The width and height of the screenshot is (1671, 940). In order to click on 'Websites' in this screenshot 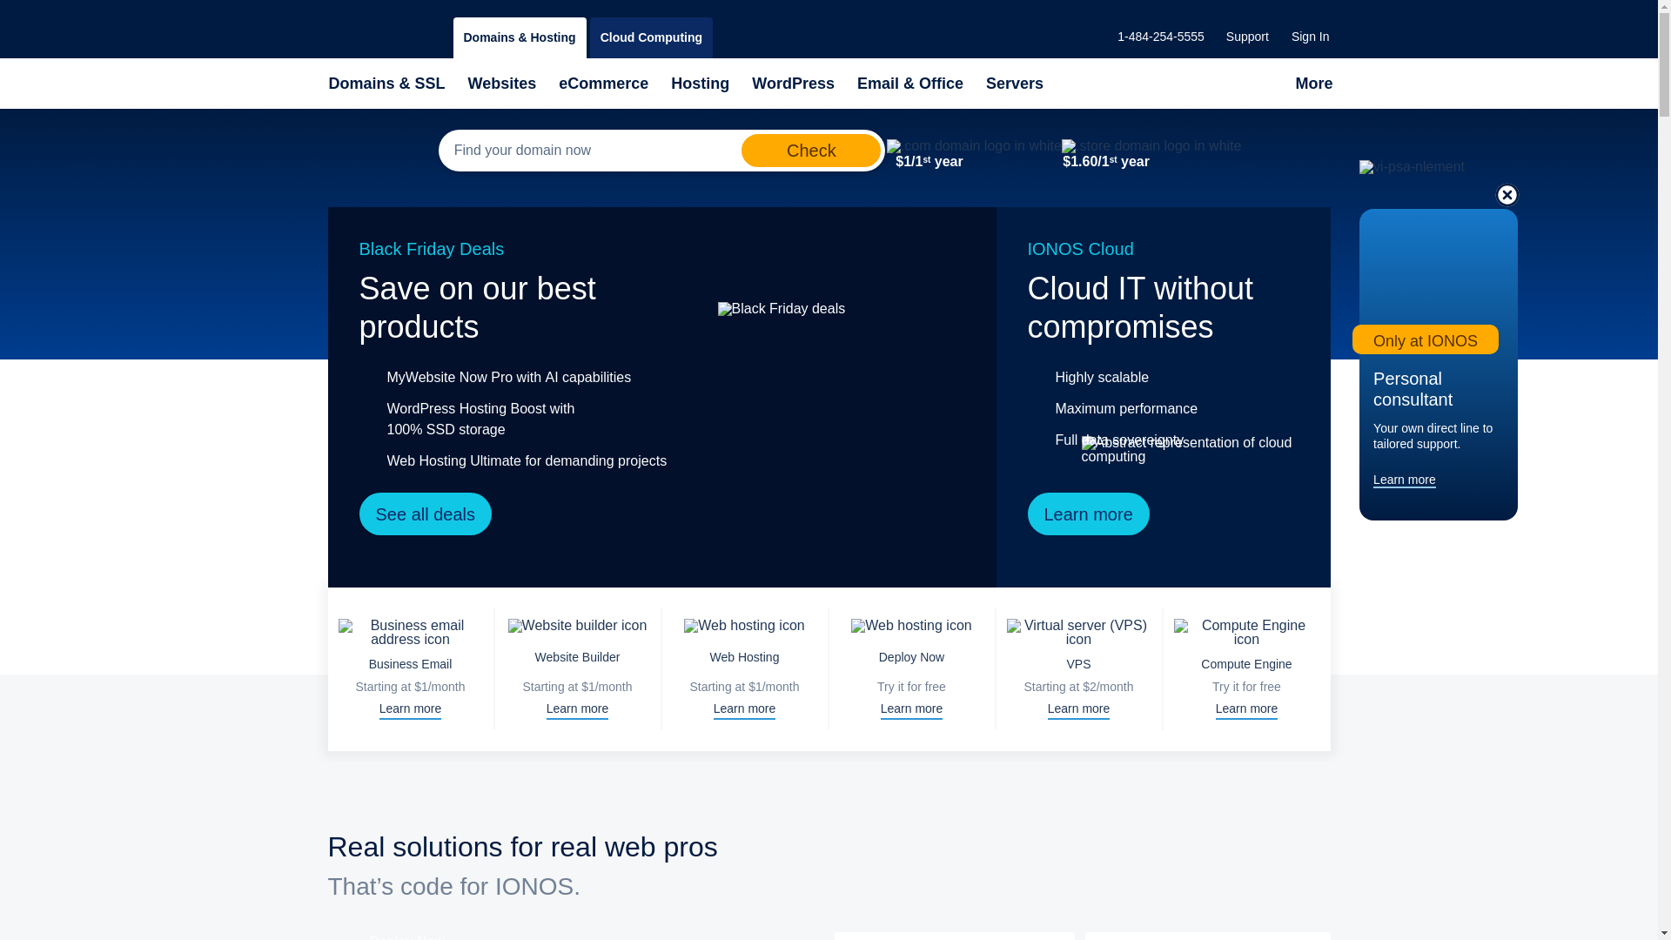, I will do `click(501, 84)`.